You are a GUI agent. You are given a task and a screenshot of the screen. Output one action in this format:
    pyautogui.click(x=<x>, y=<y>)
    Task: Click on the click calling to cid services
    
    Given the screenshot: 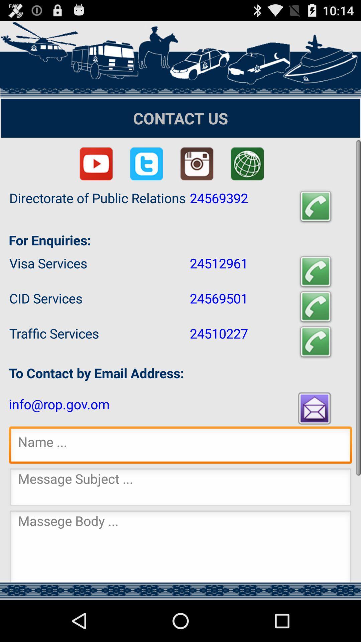 What is the action you would take?
    pyautogui.click(x=316, y=306)
    